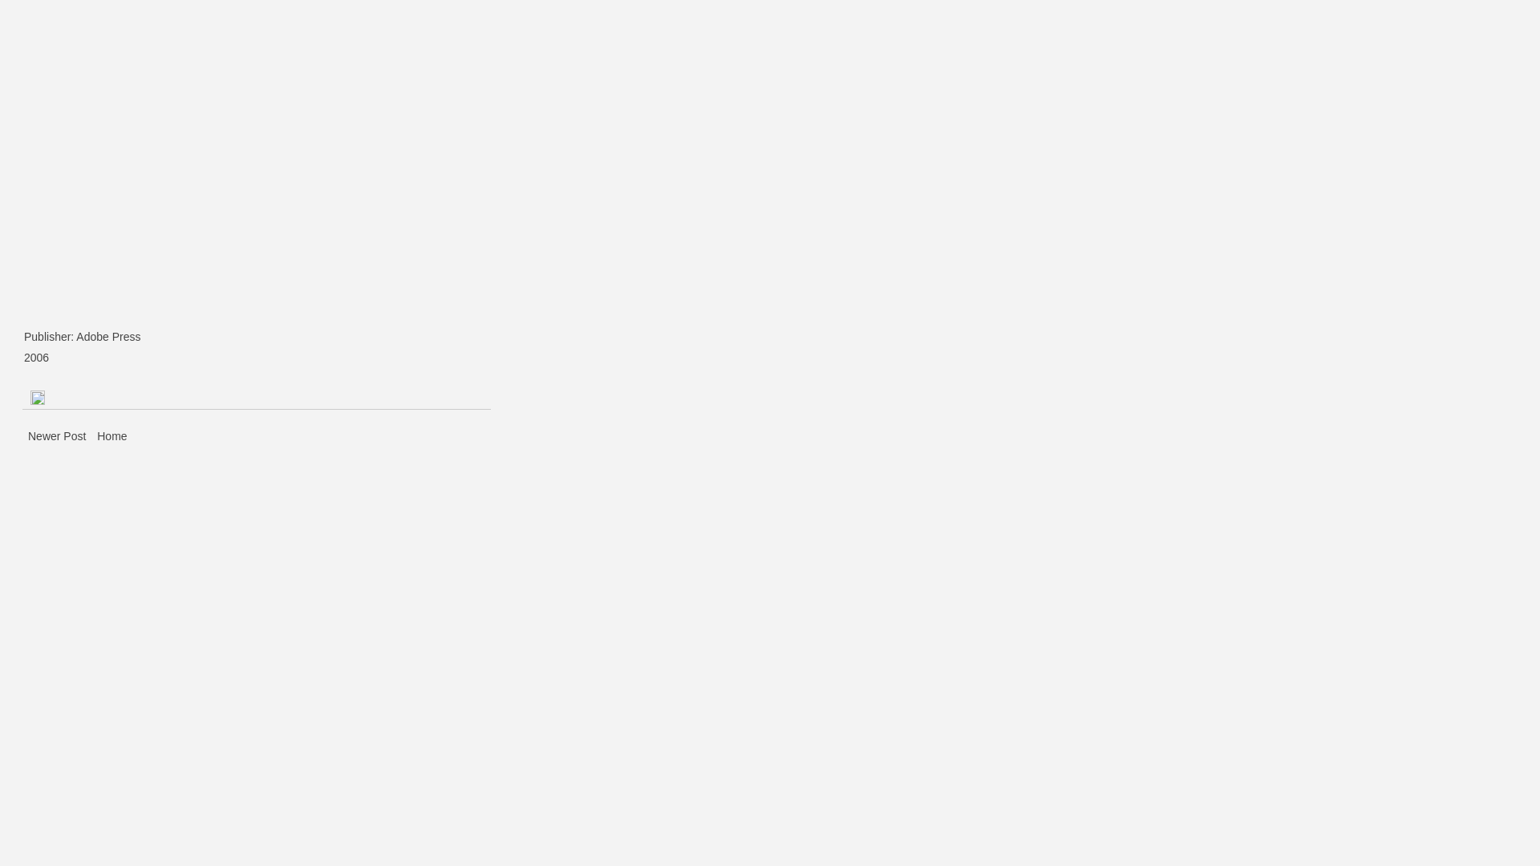 This screenshot has height=866, width=1540. What do you see at coordinates (30, 396) in the screenshot?
I see `'Edit Post'` at bounding box center [30, 396].